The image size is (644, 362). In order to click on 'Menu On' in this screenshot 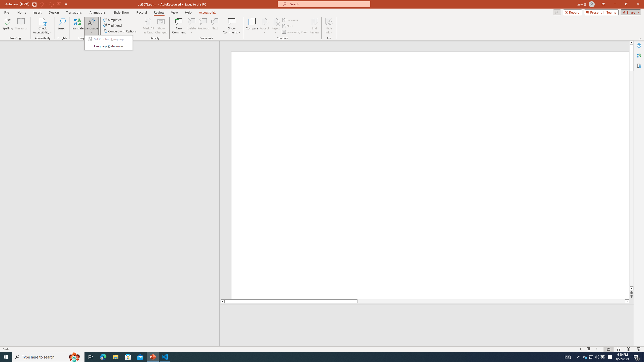, I will do `click(589, 349)`.